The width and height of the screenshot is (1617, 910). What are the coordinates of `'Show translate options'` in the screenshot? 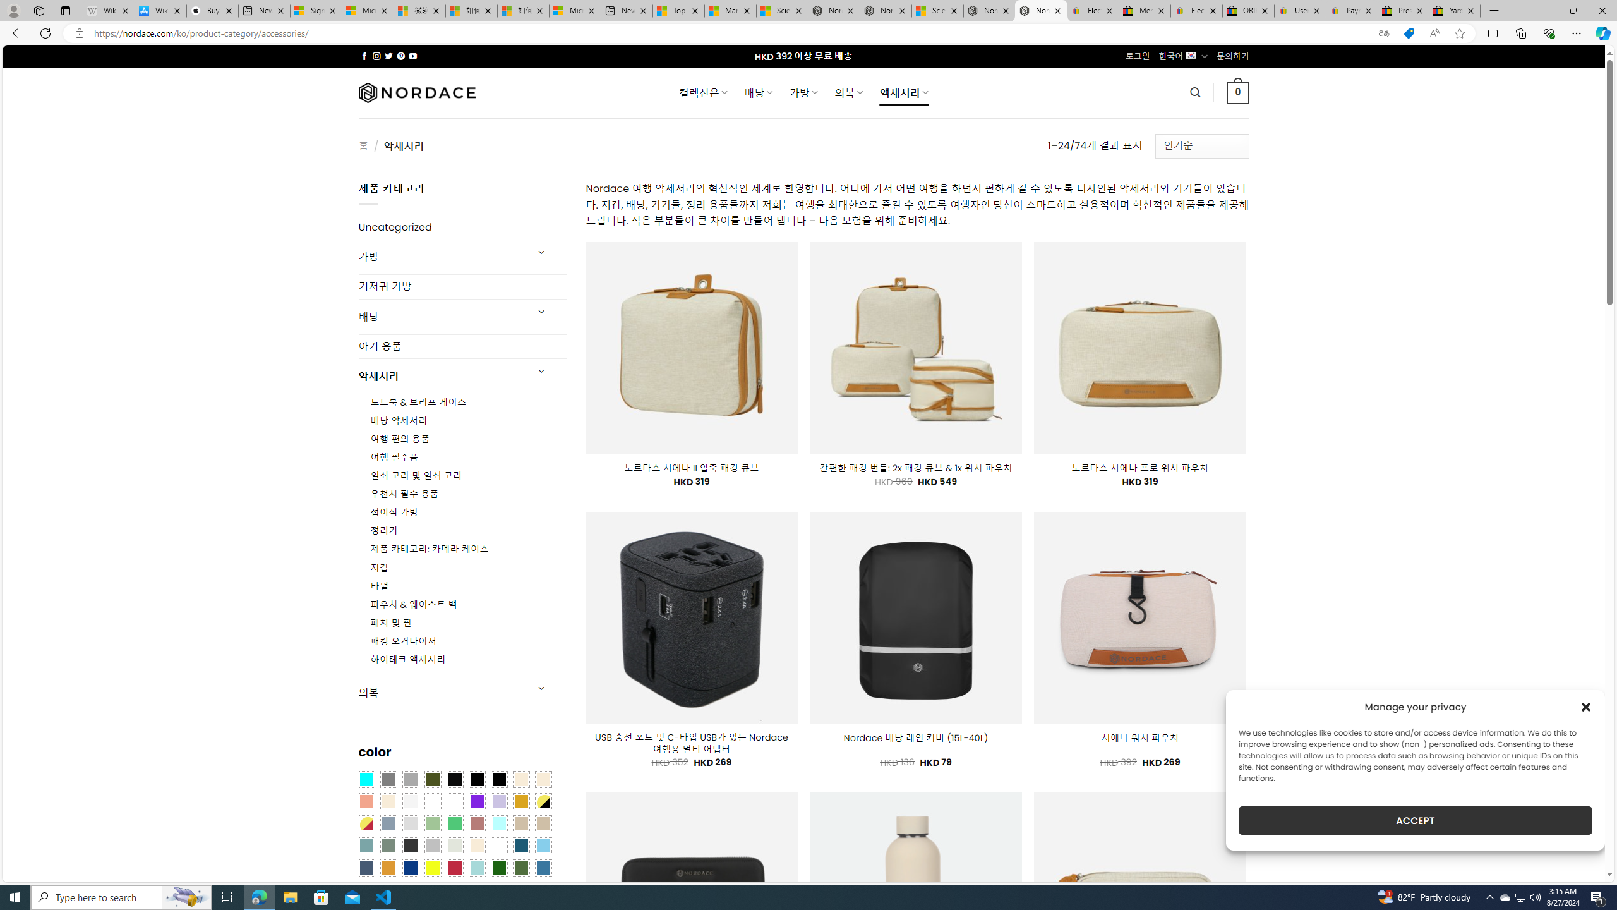 It's located at (1383, 33).